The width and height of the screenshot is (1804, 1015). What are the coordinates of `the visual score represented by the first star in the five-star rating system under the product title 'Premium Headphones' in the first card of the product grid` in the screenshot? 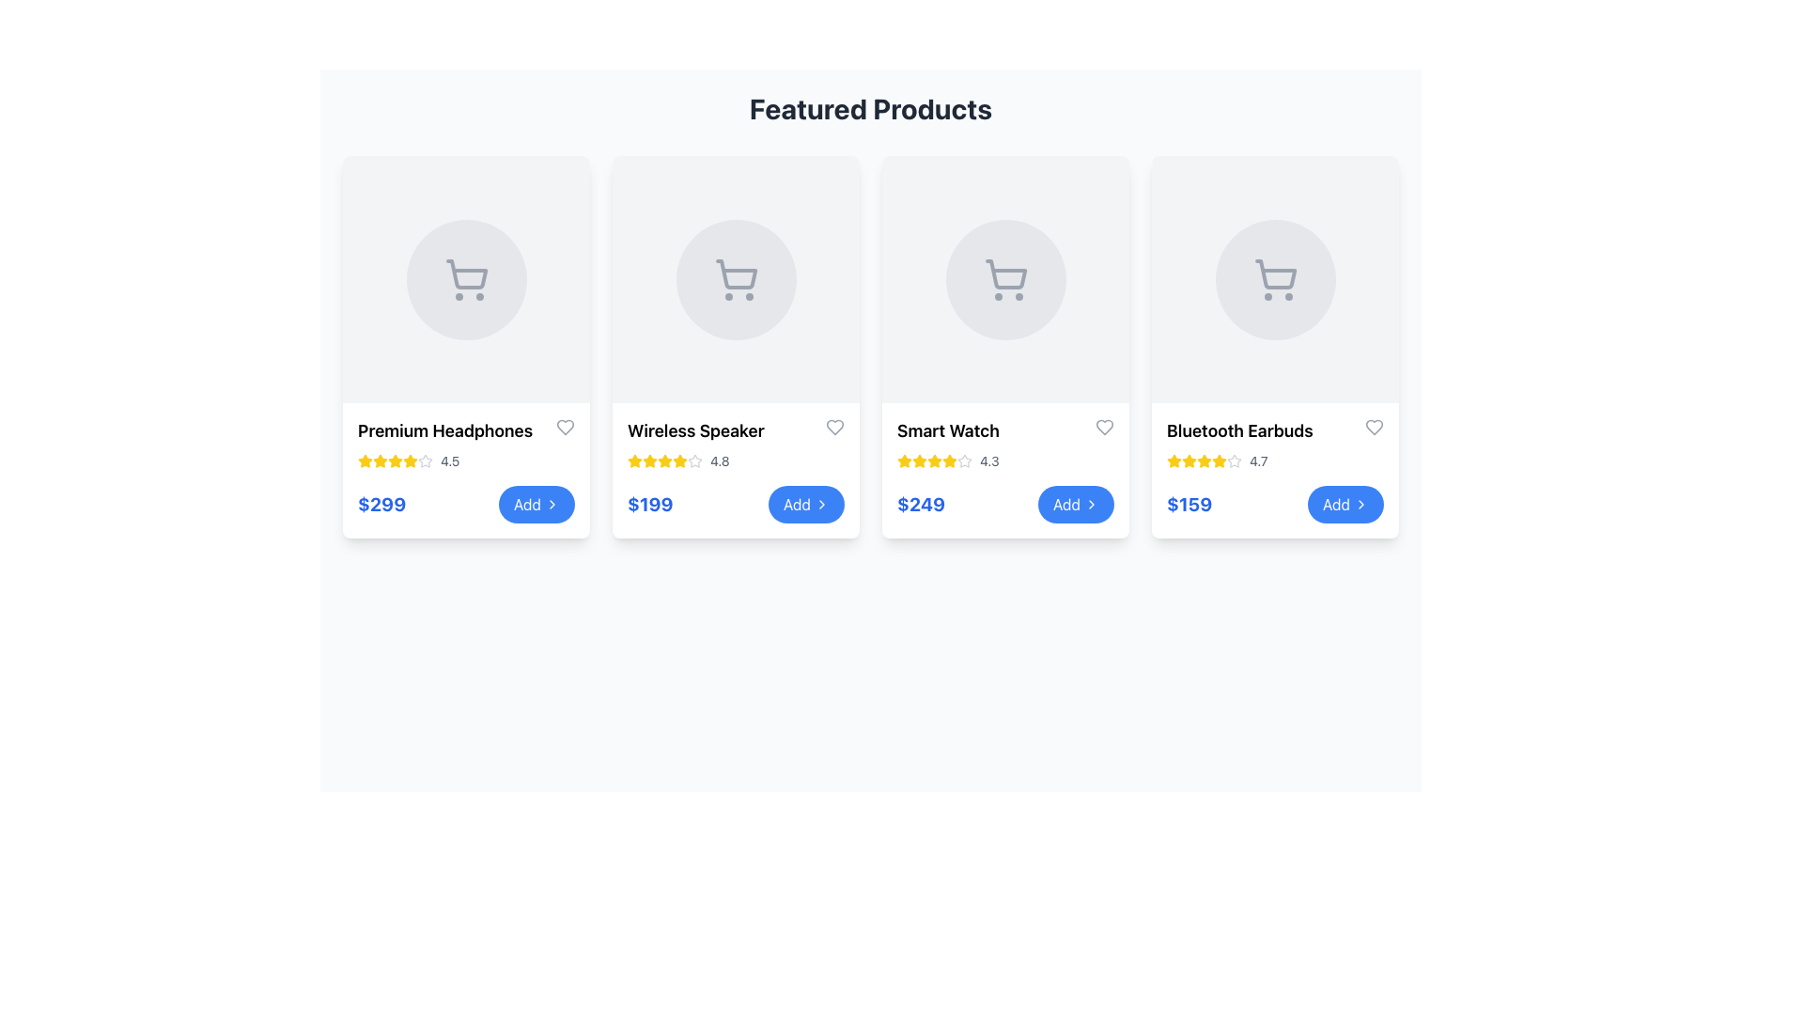 It's located at (379, 461).